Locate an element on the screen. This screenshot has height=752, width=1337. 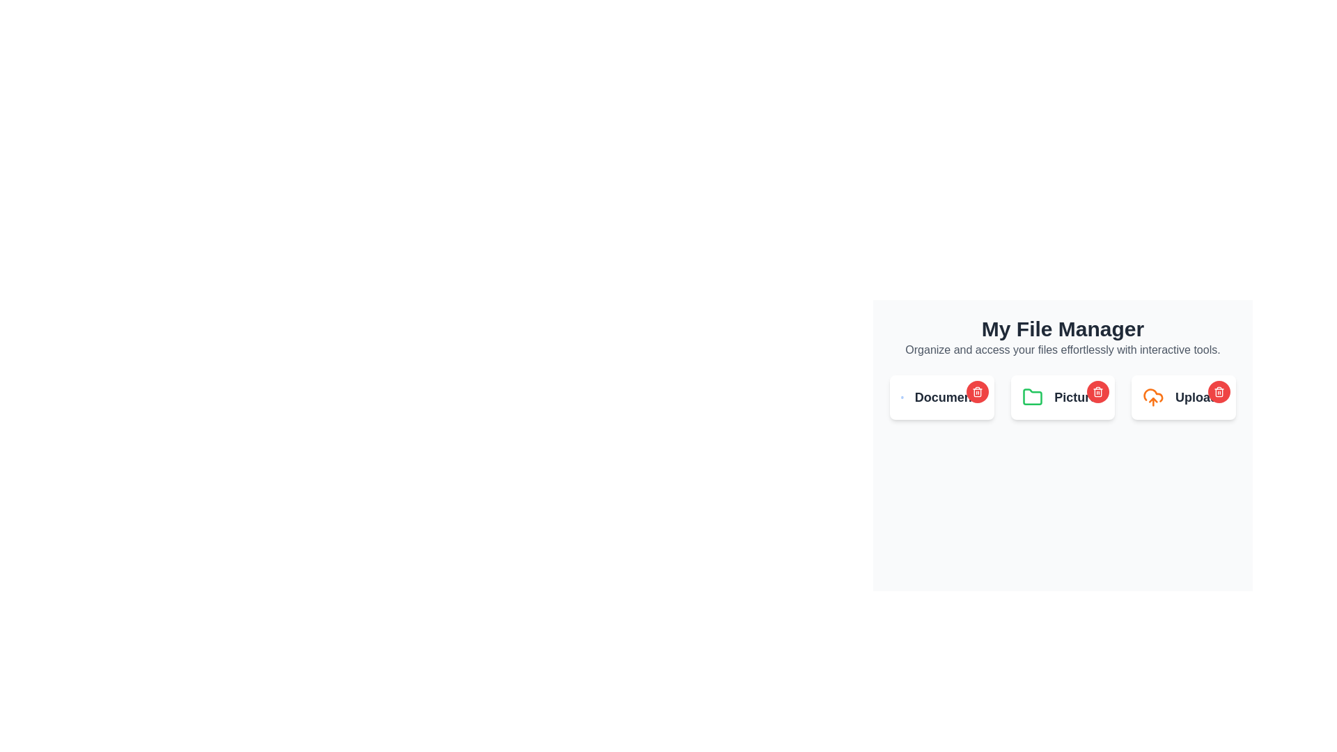
the delete icon button with the trash bin icon located in the top-right corner of the 'Uploads' card is located at coordinates (1219, 392).